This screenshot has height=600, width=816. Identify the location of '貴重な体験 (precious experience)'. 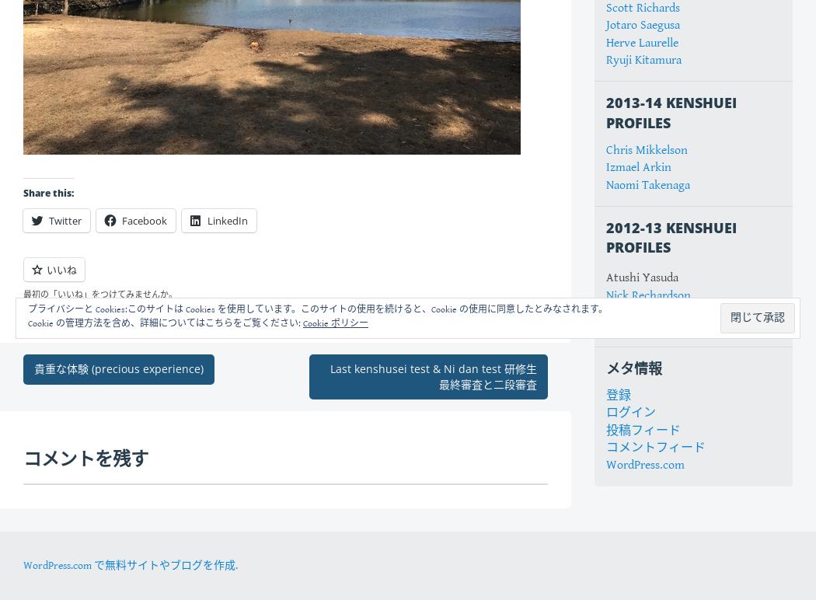
(118, 368).